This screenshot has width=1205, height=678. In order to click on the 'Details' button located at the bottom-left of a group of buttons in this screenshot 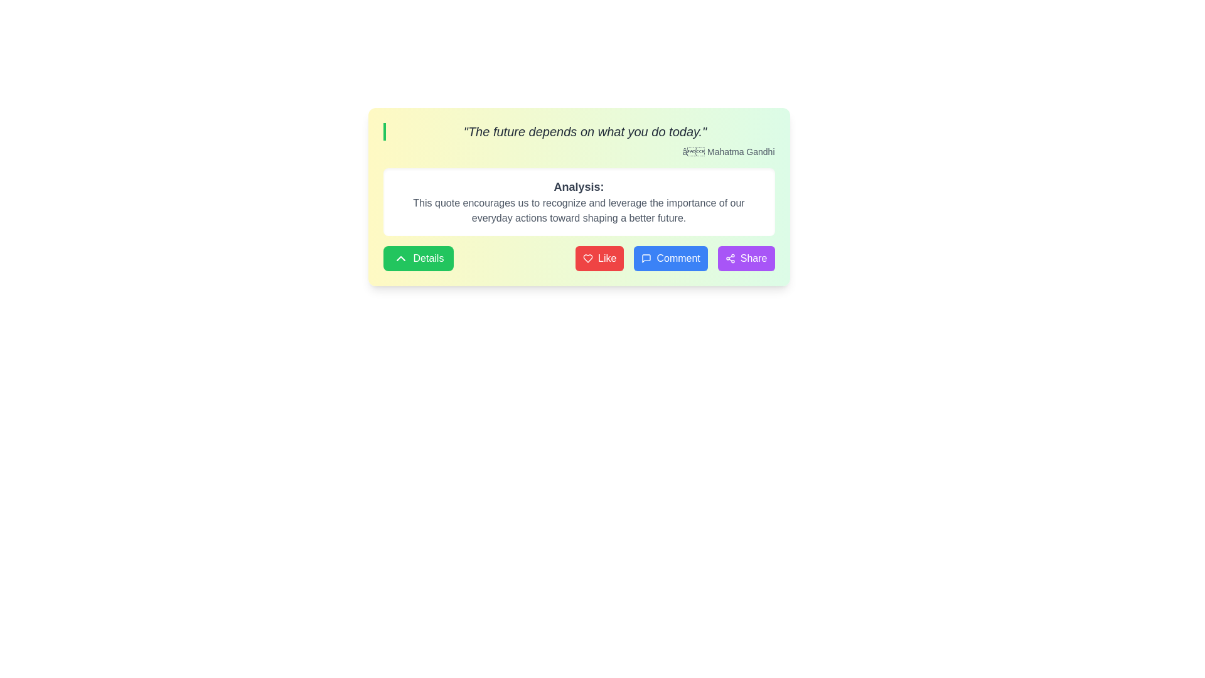, I will do `click(419, 258)`.